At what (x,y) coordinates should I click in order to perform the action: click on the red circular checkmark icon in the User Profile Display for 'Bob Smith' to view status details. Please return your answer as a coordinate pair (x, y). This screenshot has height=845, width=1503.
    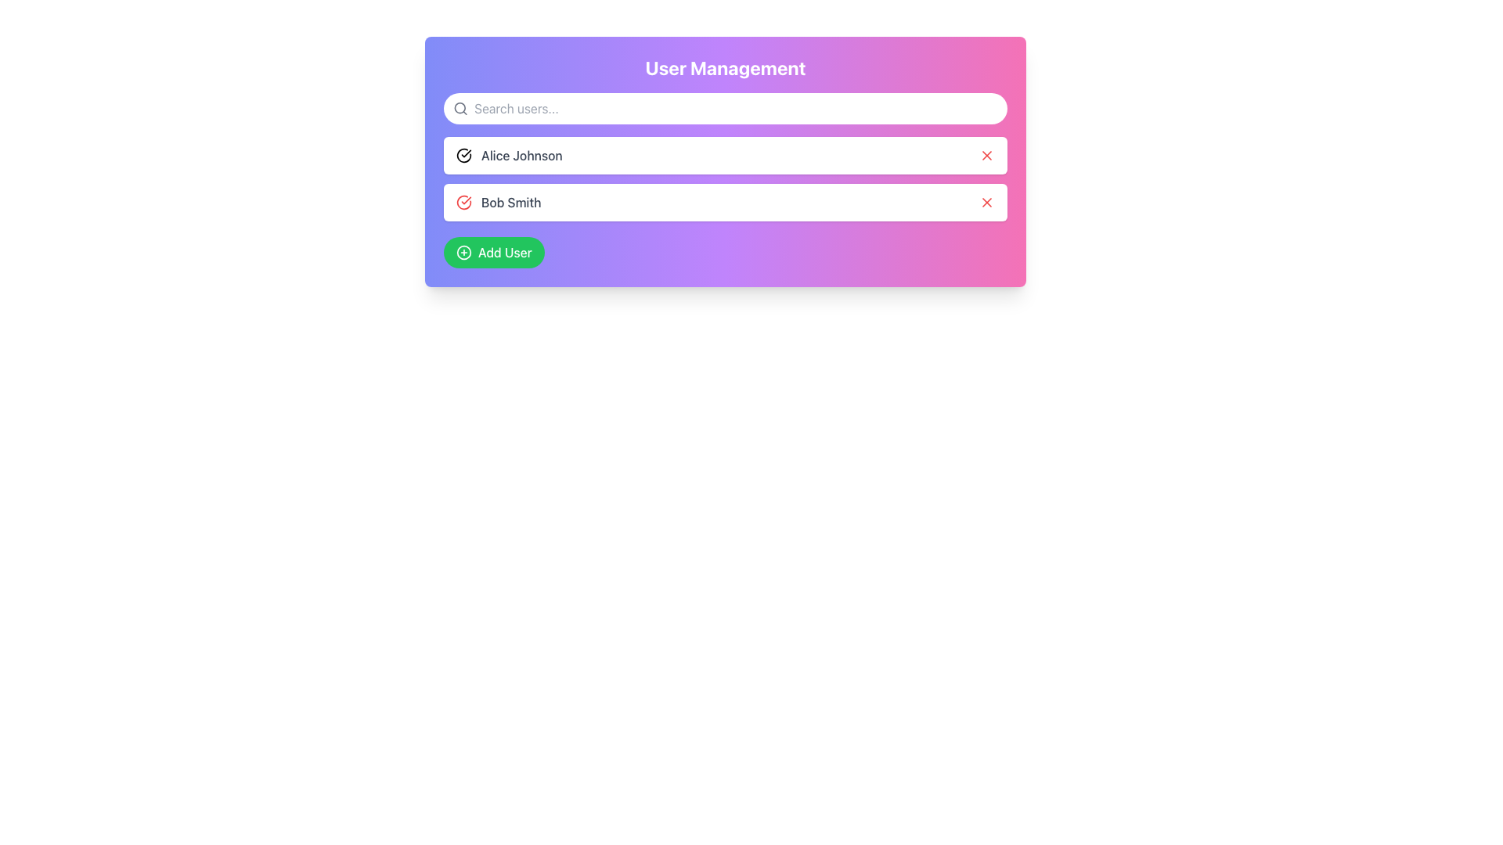
    Looking at the image, I should click on (498, 201).